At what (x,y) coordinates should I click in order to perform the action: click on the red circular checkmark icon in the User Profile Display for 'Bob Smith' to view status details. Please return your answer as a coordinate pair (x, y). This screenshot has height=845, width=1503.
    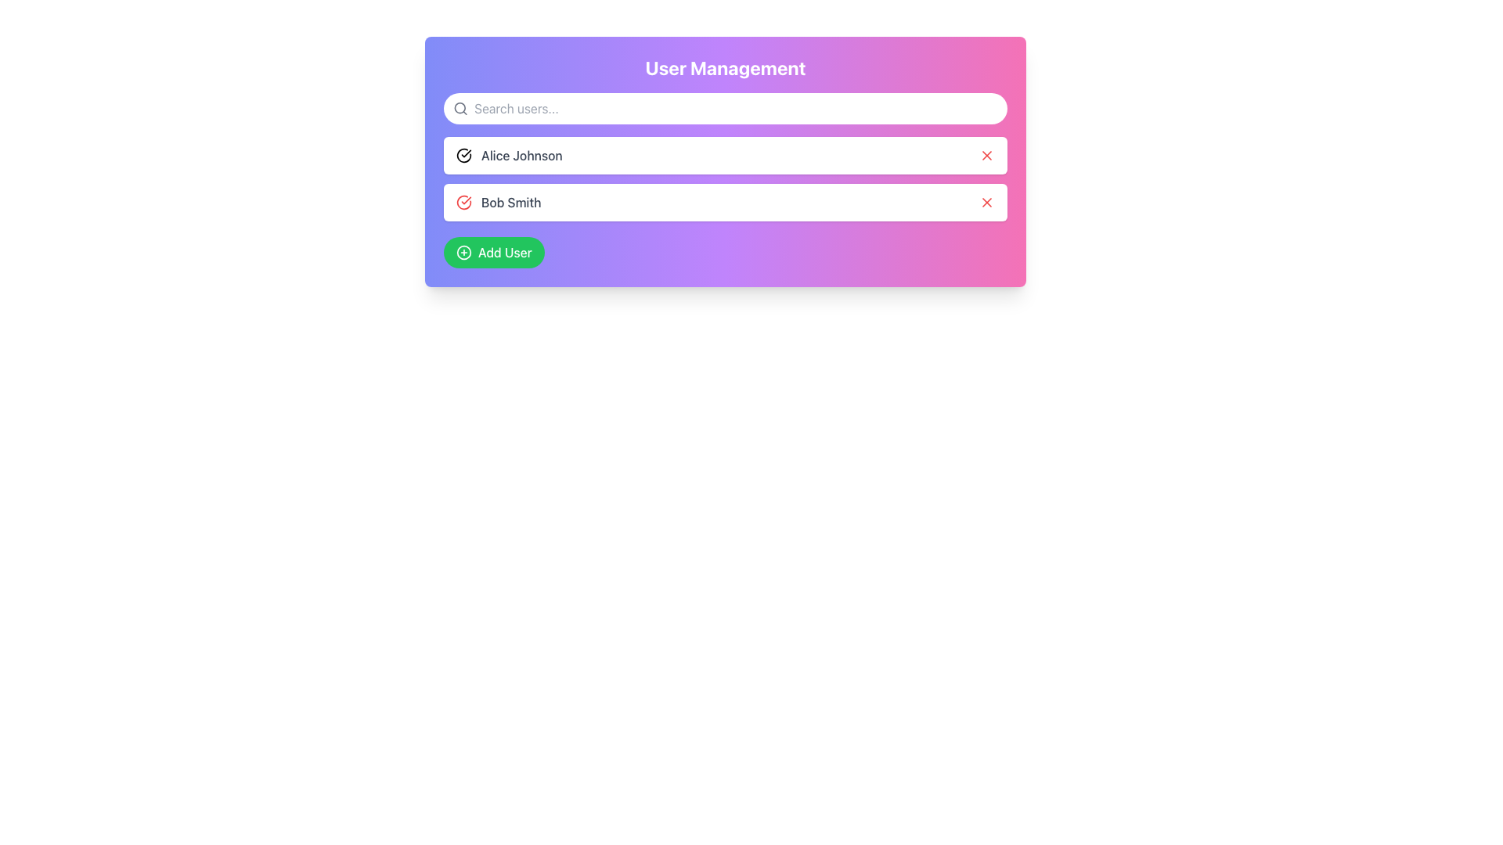
    Looking at the image, I should click on (498, 201).